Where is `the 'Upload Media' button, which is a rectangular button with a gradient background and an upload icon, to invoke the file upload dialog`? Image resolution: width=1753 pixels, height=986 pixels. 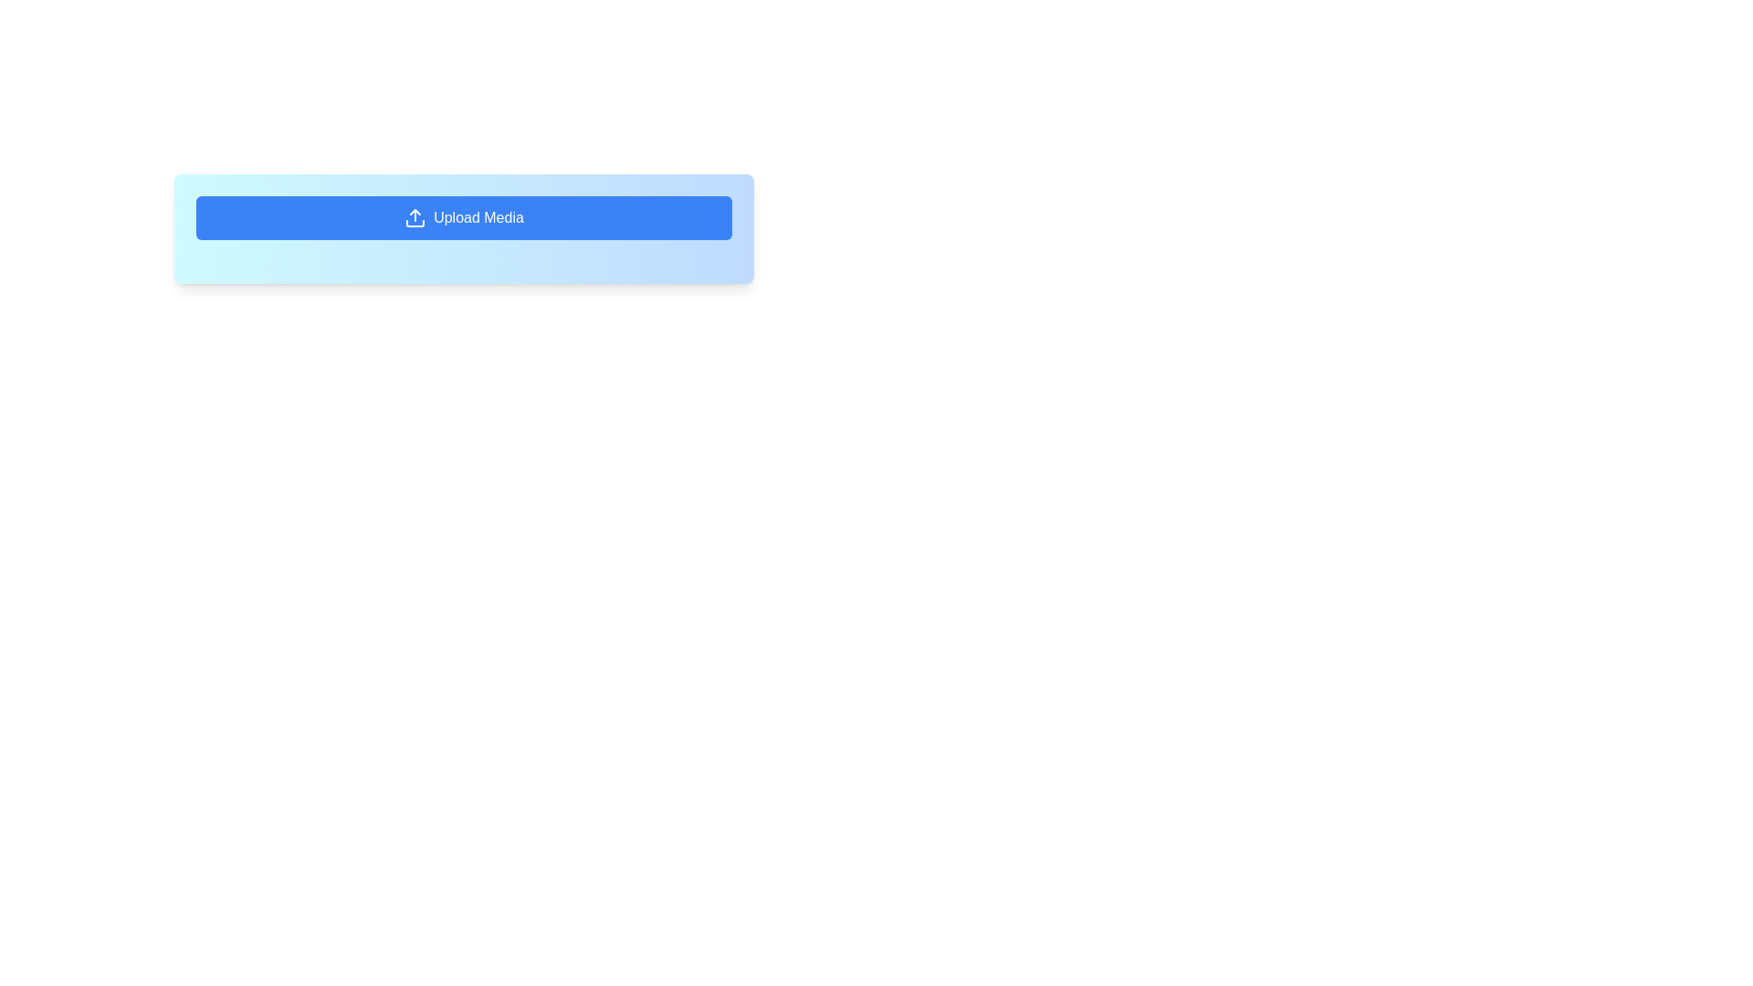 the 'Upload Media' button, which is a rectangular button with a gradient background and an upload icon, to invoke the file upload dialog is located at coordinates (464, 227).